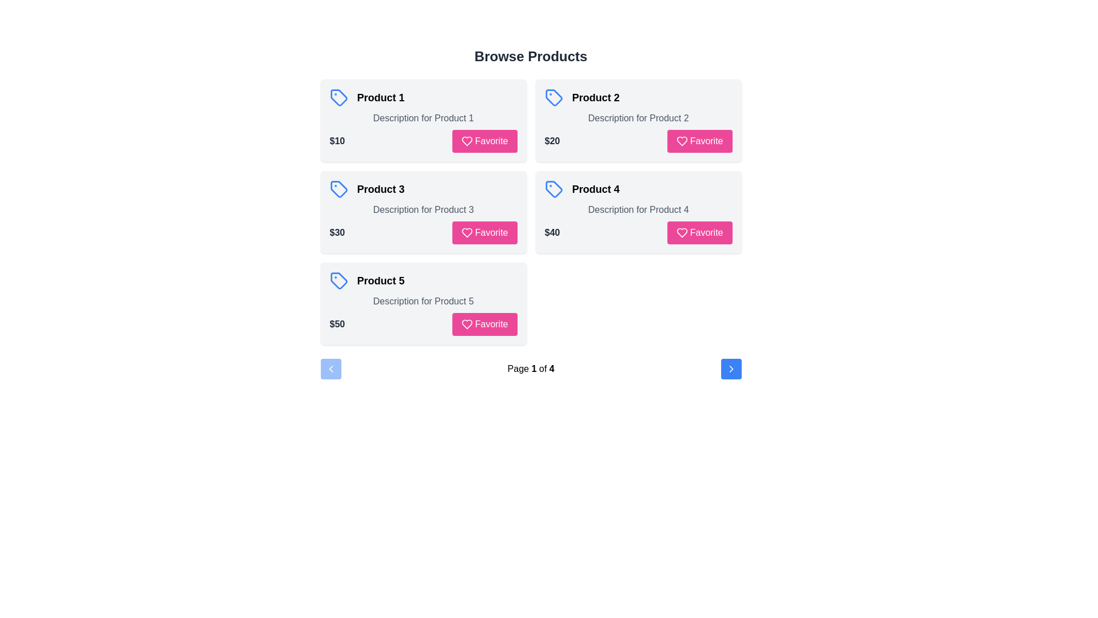 This screenshot has height=618, width=1098. I want to click on the blue price tag icon located in the bottom-left corner of 'Product 5' card, which features a modern flat design with a small dot inside, so click(338, 280).